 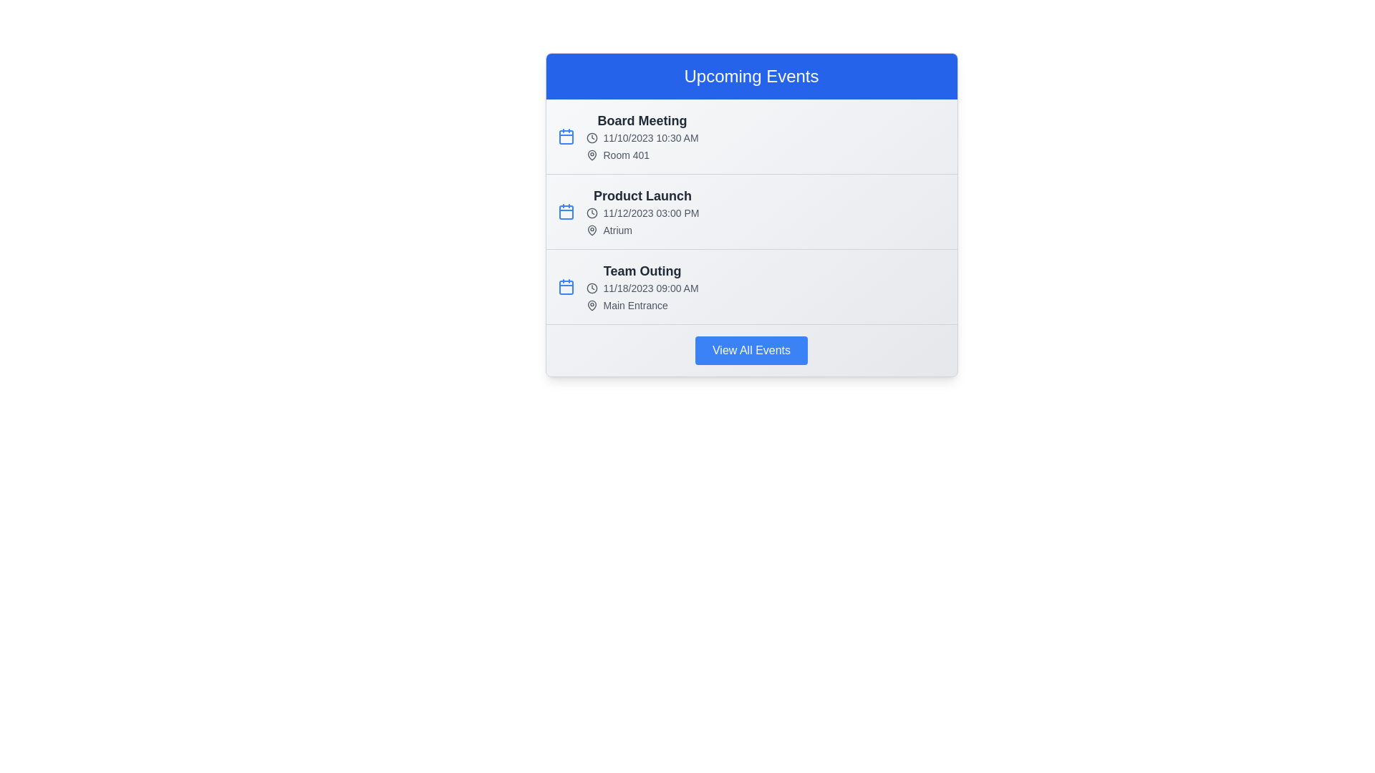 I want to click on the 'Team Outing' date and time details text with icon element, which is located directly below the 'Team Outing' text in the event listing section, so click(x=642, y=288).